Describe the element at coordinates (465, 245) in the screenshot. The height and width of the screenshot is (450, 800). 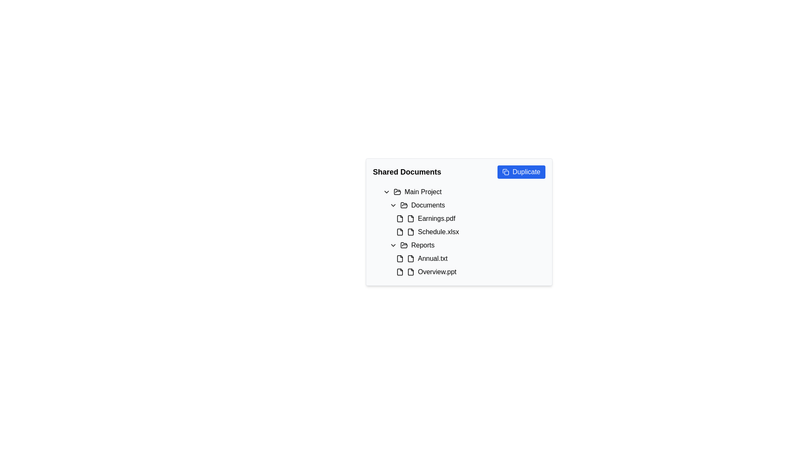
I see `the Interactive folder entry` at that location.